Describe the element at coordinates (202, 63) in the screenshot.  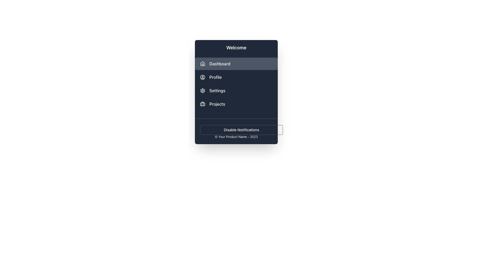
I see `the house-shaped icon located to the left of the 'Dashboard' text in the dropdown-style menu` at that location.